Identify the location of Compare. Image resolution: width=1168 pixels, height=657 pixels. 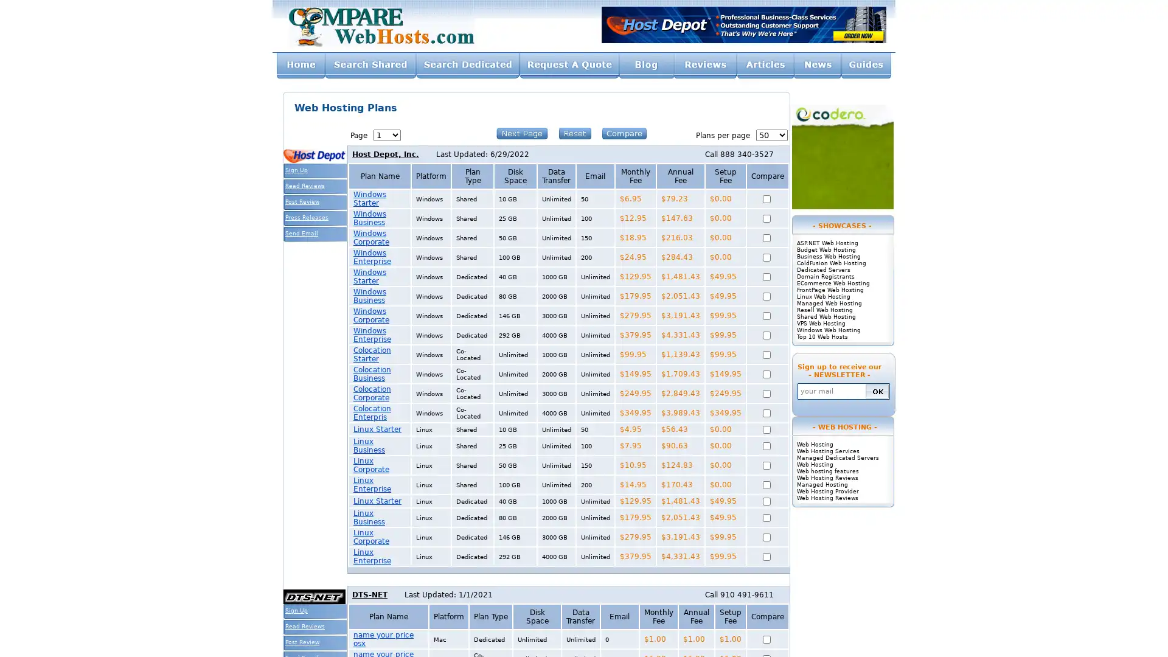
(624, 133).